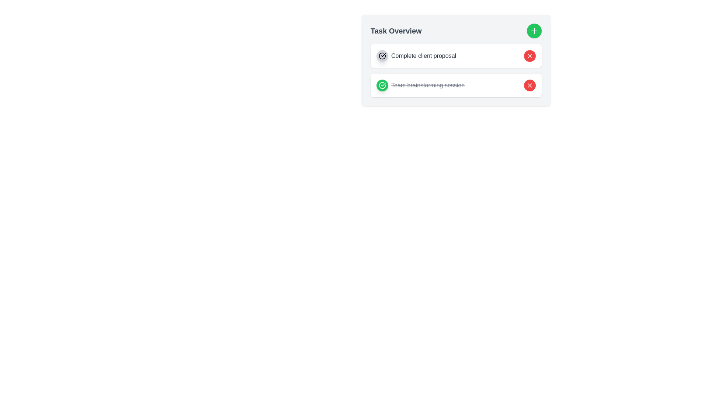 The width and height of the screenshot is (708, 398). I want to click on the circular red button with a white 'X' icon, so click(529, 55).